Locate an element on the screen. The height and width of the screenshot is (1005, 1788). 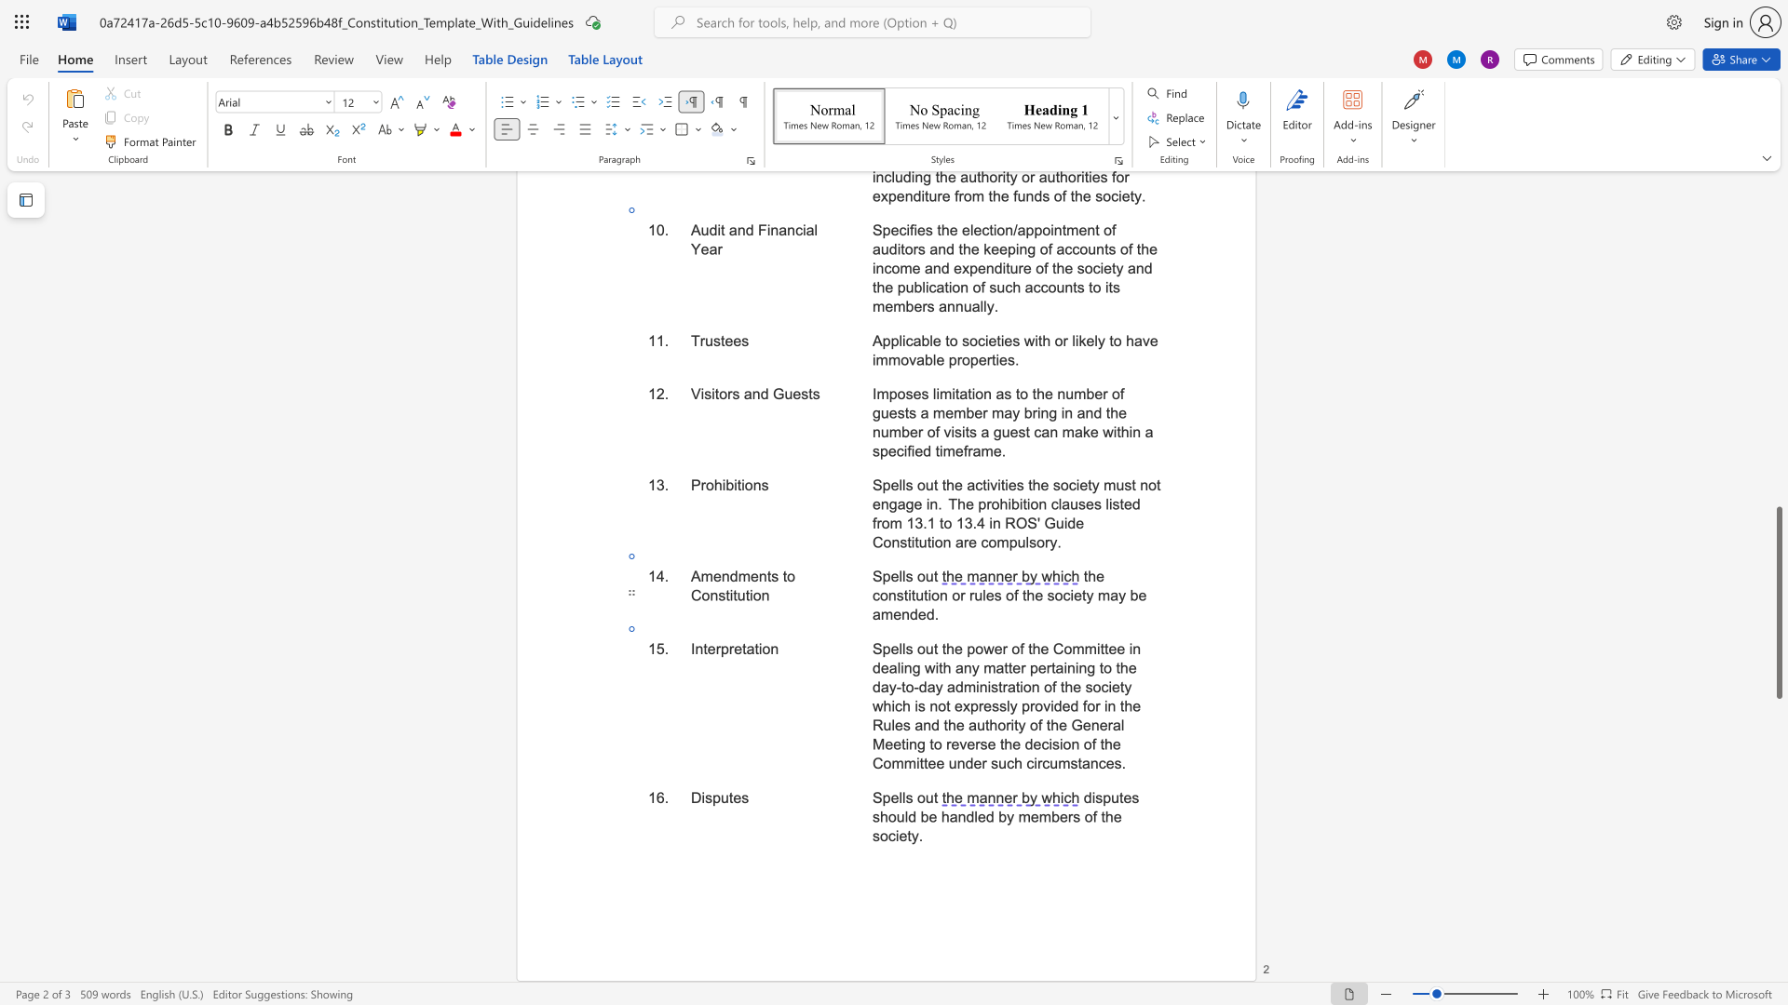
the space between the continuous character "C" and "o" in the text is located at coordinates (699, 596).